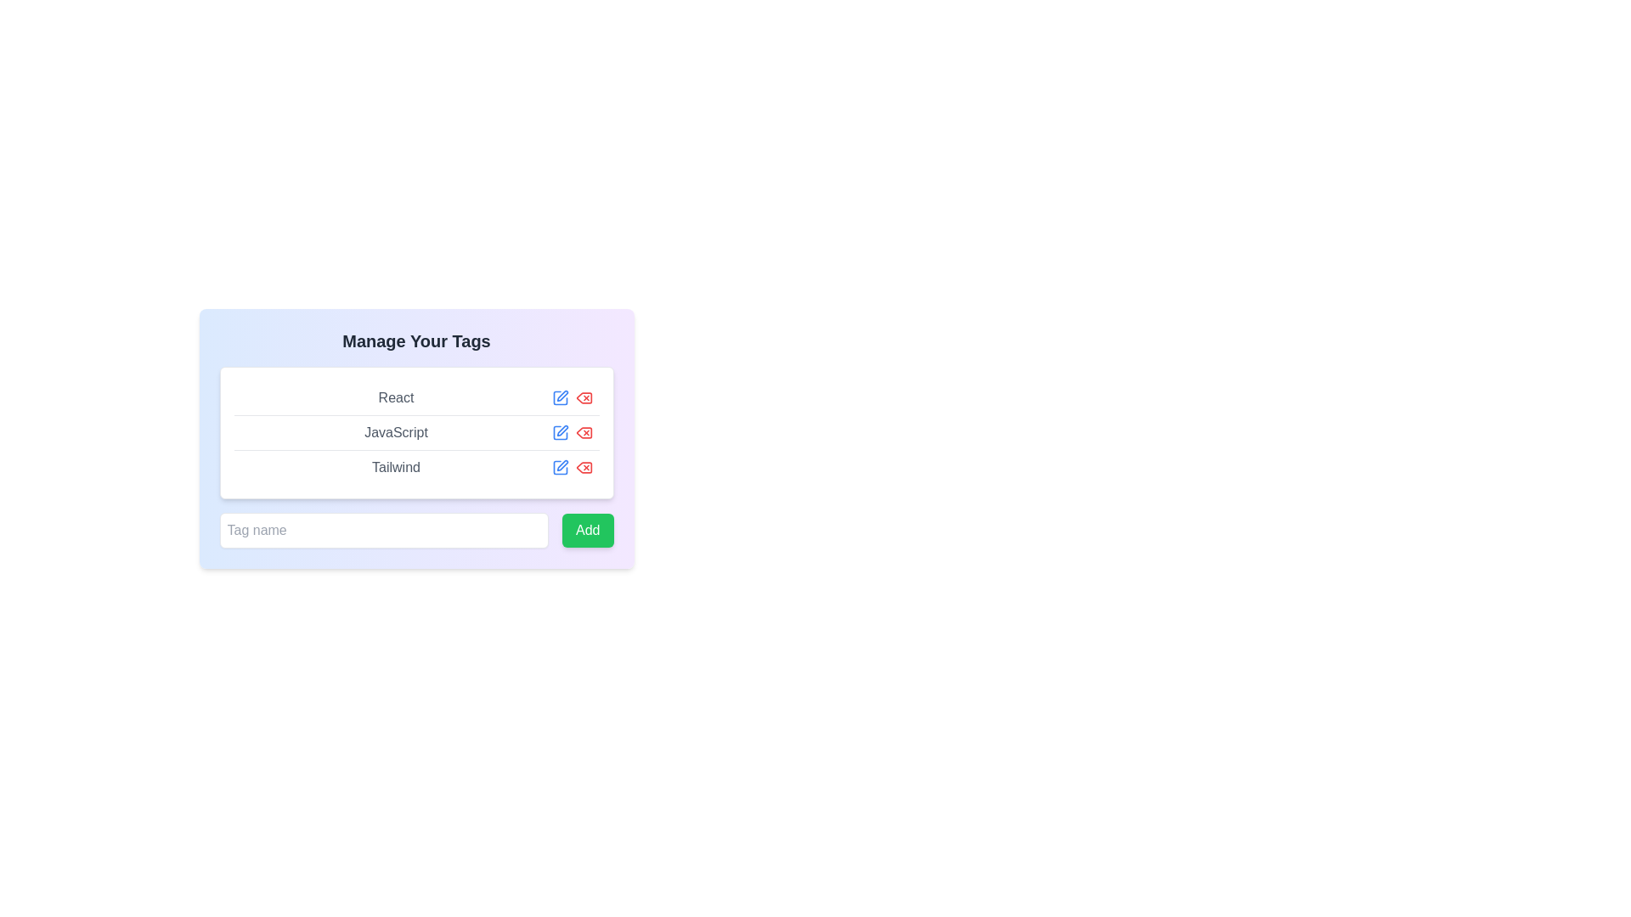 The height and width of the screenshot is (917, 1631). What do you see at coordinates (416, 457) in the screenshot?
I see `the blue edit icon next to the 'JavaScript' tag in the Tag management list` at bounding box center [416, 457].